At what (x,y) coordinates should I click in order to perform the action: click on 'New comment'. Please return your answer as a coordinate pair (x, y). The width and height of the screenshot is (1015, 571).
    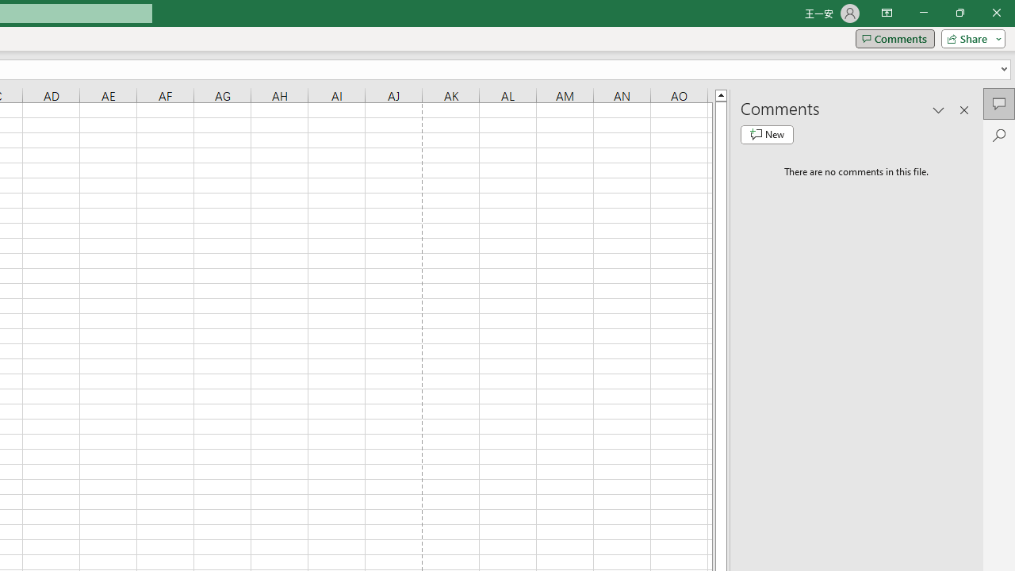
    Looking at the image, I should click on (767, 133).